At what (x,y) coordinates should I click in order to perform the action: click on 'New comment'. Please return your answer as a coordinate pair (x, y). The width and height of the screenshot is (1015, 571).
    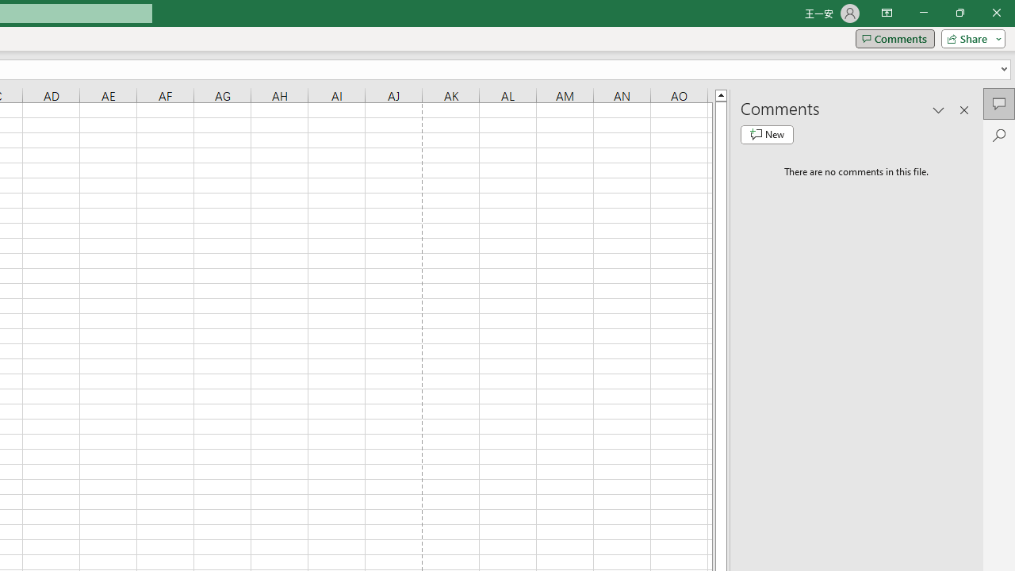
    Looking at the image, I should click on (767, 133).